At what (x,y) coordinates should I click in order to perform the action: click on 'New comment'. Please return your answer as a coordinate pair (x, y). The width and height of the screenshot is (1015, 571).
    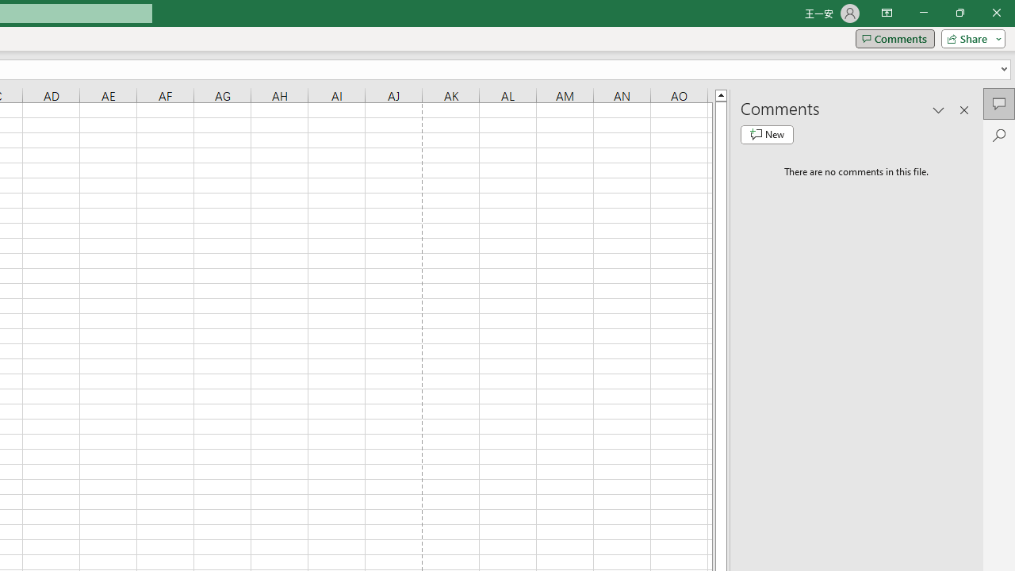
    Looking at the image, I should click on (767, 133).